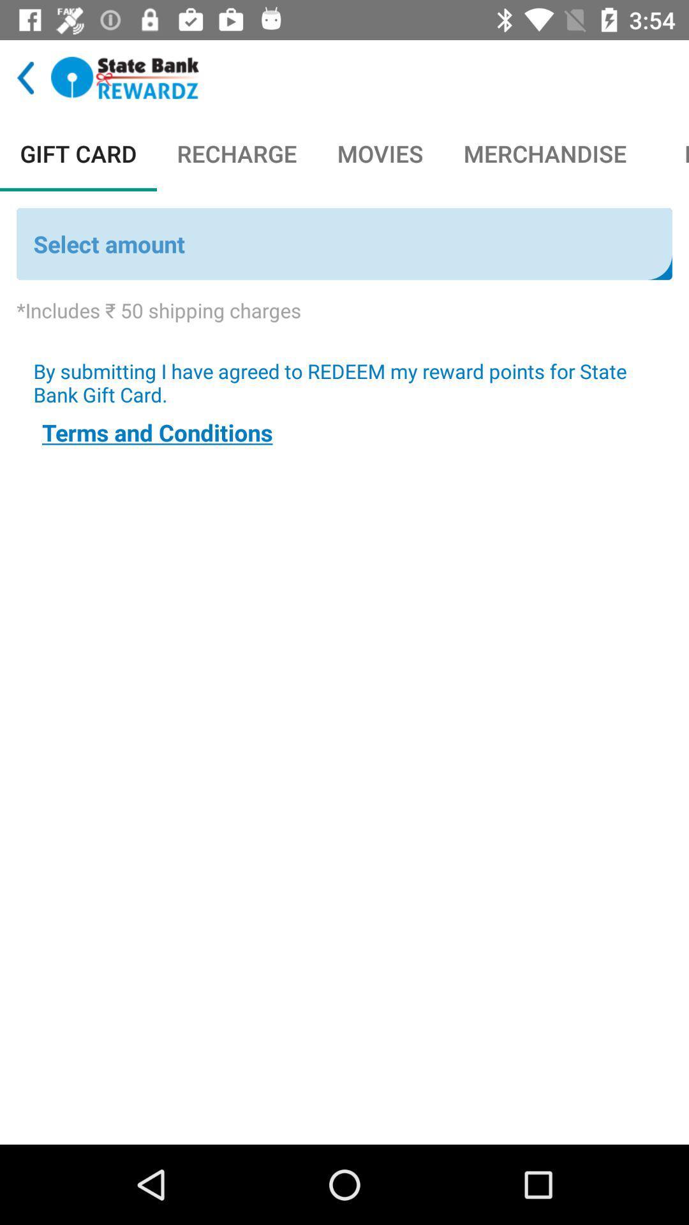  Describe the element at coordinates (26, 77) in the screenshot. I see `go back` at that location.